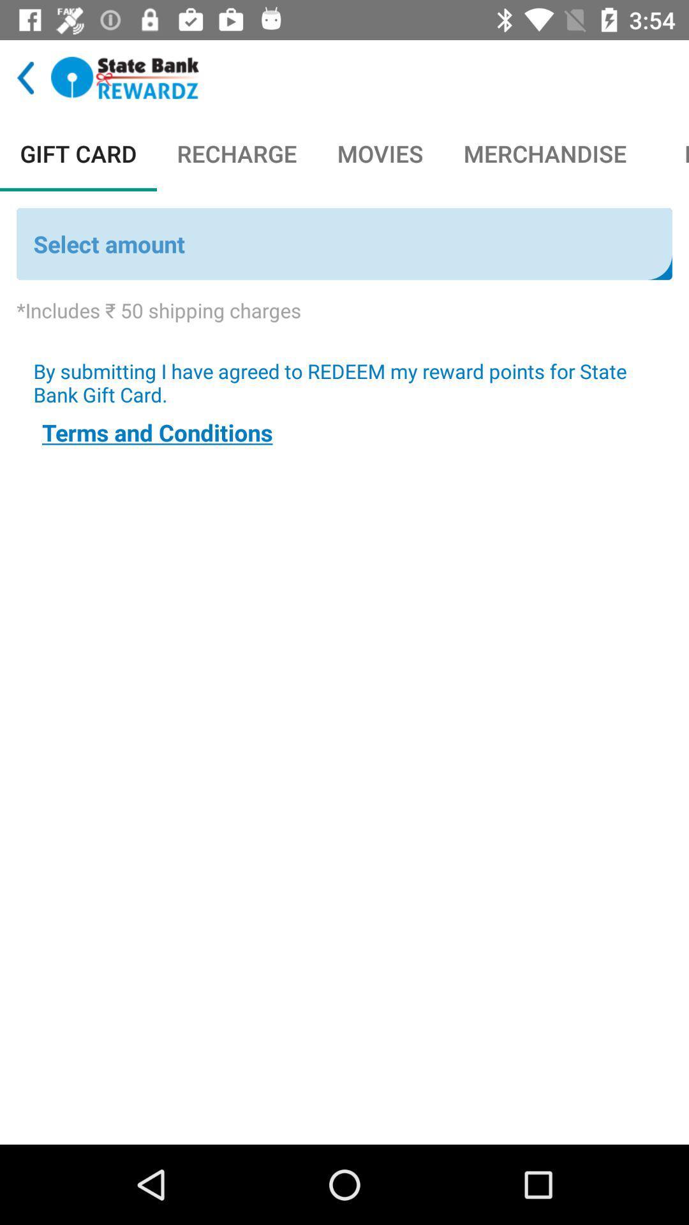  Describe the element at coordinates (26, 77) in the screenshot. I see `go back` at that location.